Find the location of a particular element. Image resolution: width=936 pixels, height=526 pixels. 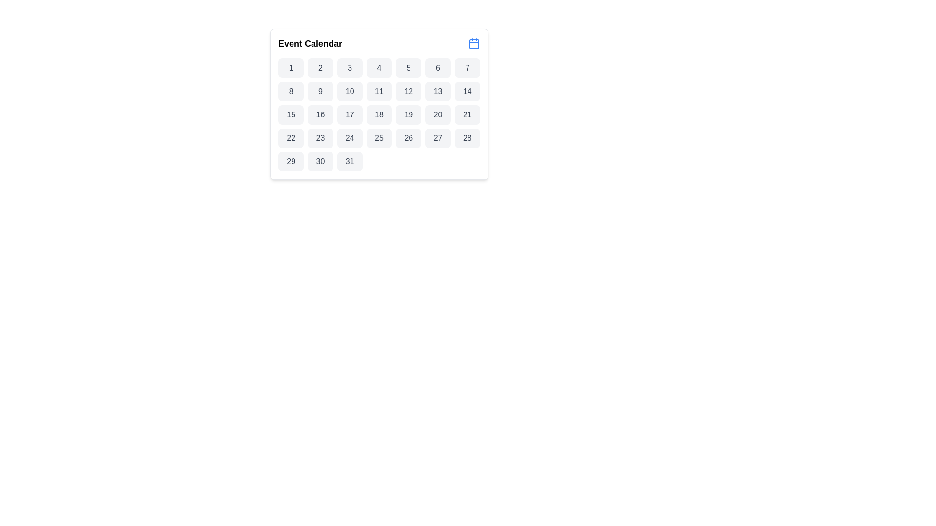

the rounded rectangular button labeled '2' in the calendar grid is located at coordinates (320, 67).